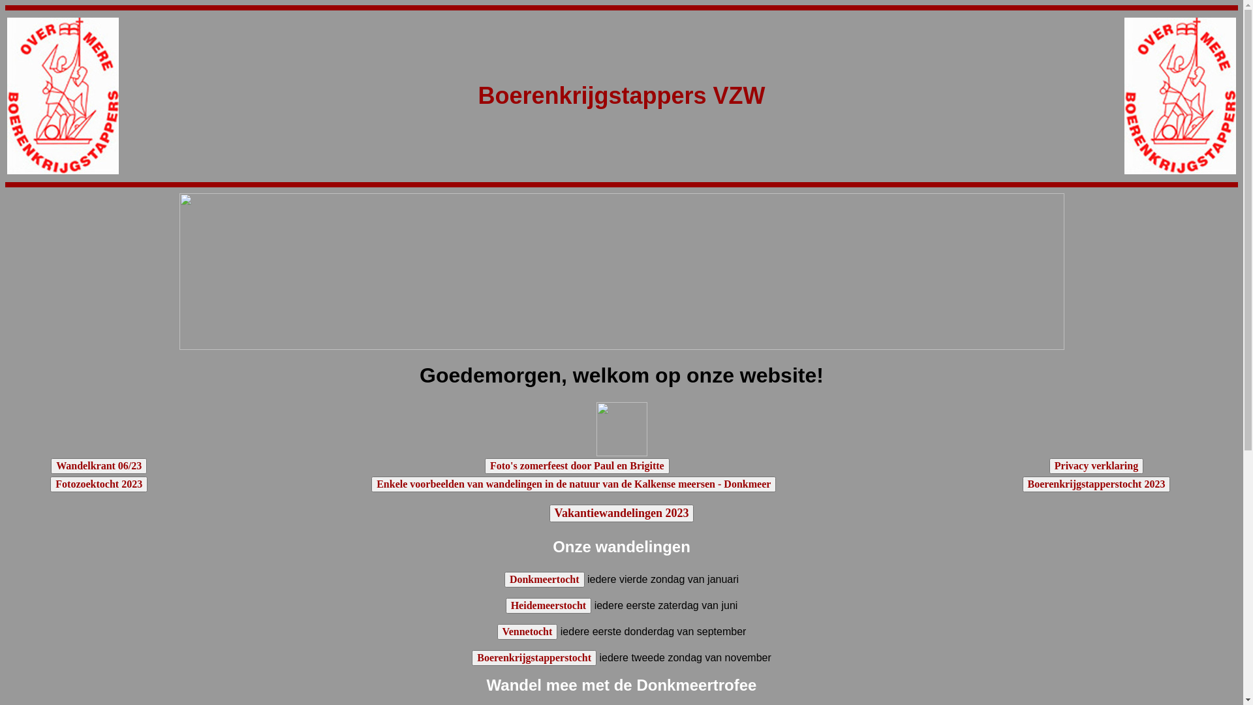 The width and height of the screenshot is (1253, 705). What do you see at coordinates (1096, 465) in the screenshot?
I see `'Privacy verklaring'` at bounding box center [1096, 465].